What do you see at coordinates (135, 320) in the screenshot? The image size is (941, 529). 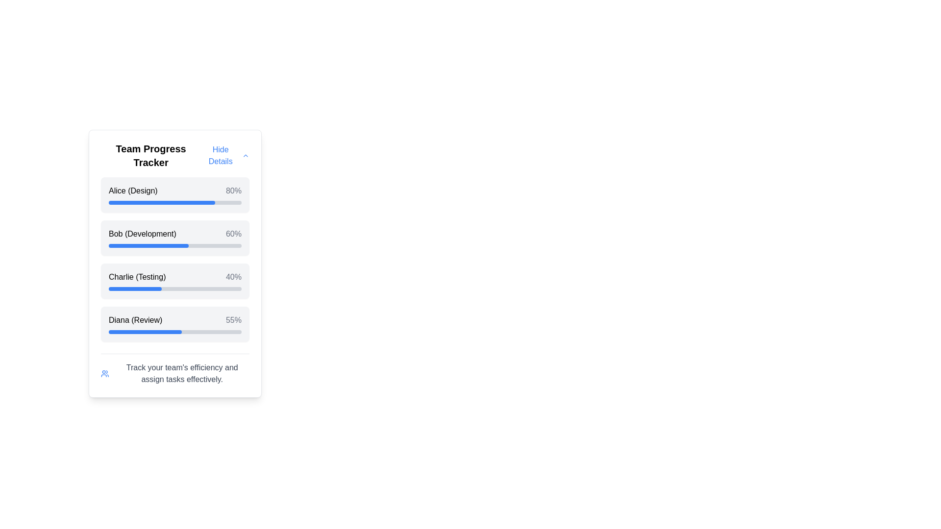 I see `the text label identifying the team member or task 'Diana (Review)' located in the fourth row of the 'Team Progress Tracker'` at bounding box center [135, 320].